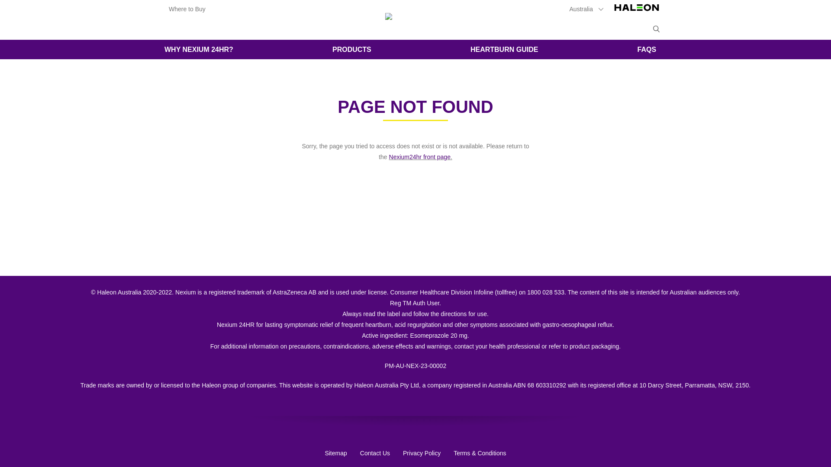  I want to click on 'Contact Us', so click(375, 453).